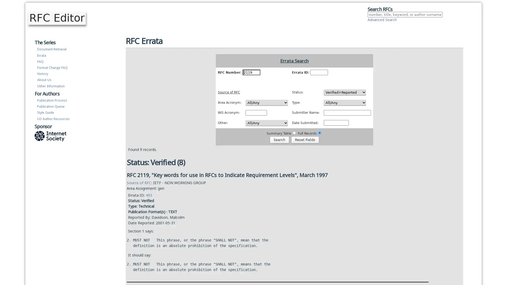  I want to click on Reset Fields, so click(305, 139).